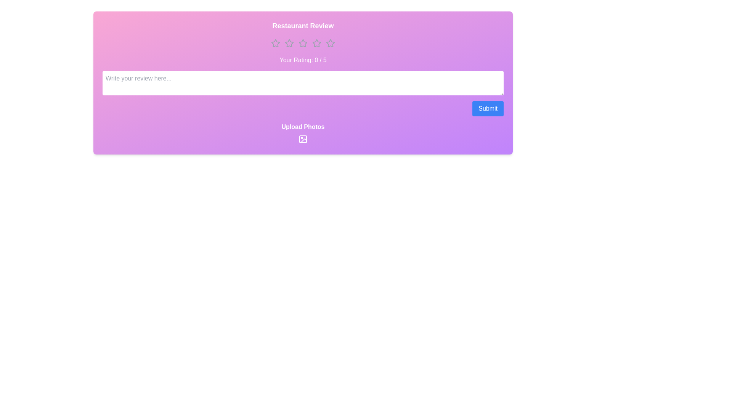  I want to click on the rating to 5 stars by clicking on the respective star, so click(331, 43).